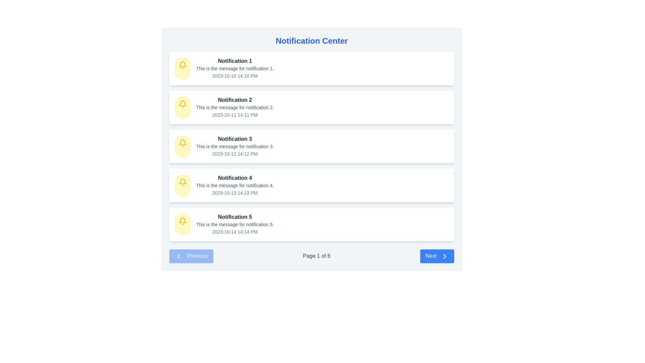 The width and height of the screenshot is (645, 363). I want to click on the notification icon located on the left side of the notification box labeled 'Notification 4' in the notification list, so click(182, 185).